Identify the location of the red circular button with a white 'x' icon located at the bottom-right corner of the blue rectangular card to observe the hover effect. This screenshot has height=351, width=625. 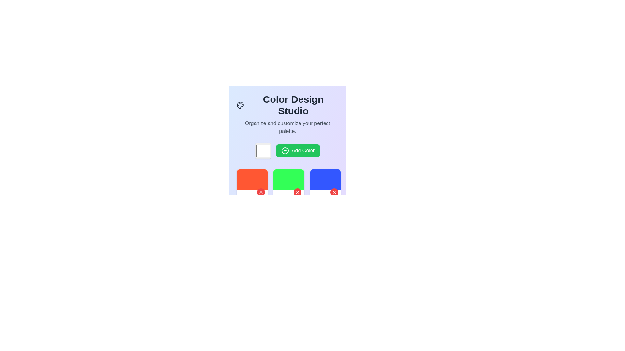
(334, 192).